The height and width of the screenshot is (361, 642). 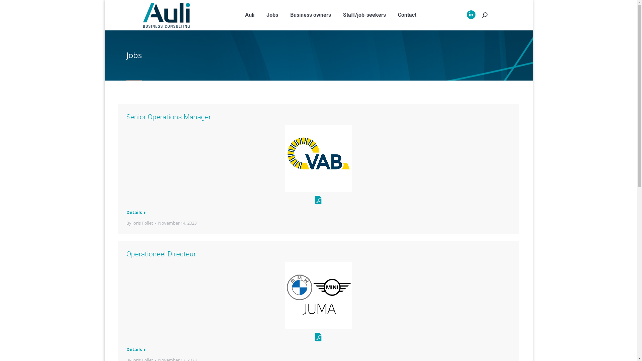 What do you see at coordinates (10, 7) in the screenshot?
I see `'Go!'` at bounding box center [10, 7].